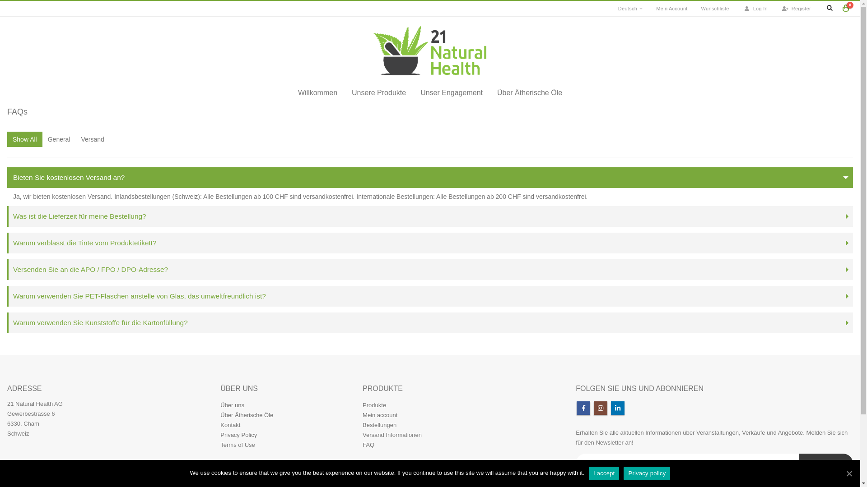  Describe the element at coordinates (646, 473) in the screenshot. I see `'Privacy policy'` at that location.